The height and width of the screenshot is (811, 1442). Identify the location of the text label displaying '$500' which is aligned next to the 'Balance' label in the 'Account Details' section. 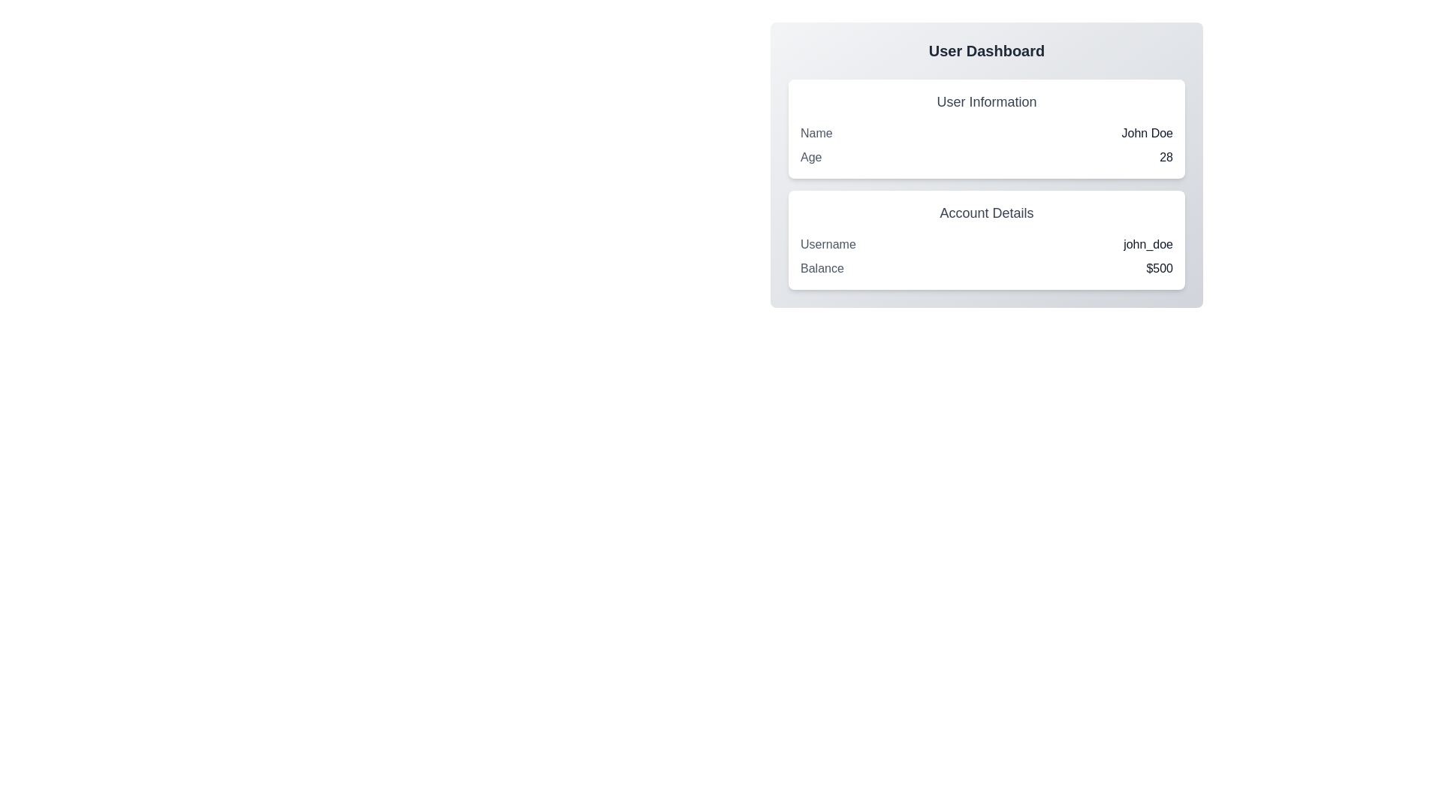
(1159, 268).